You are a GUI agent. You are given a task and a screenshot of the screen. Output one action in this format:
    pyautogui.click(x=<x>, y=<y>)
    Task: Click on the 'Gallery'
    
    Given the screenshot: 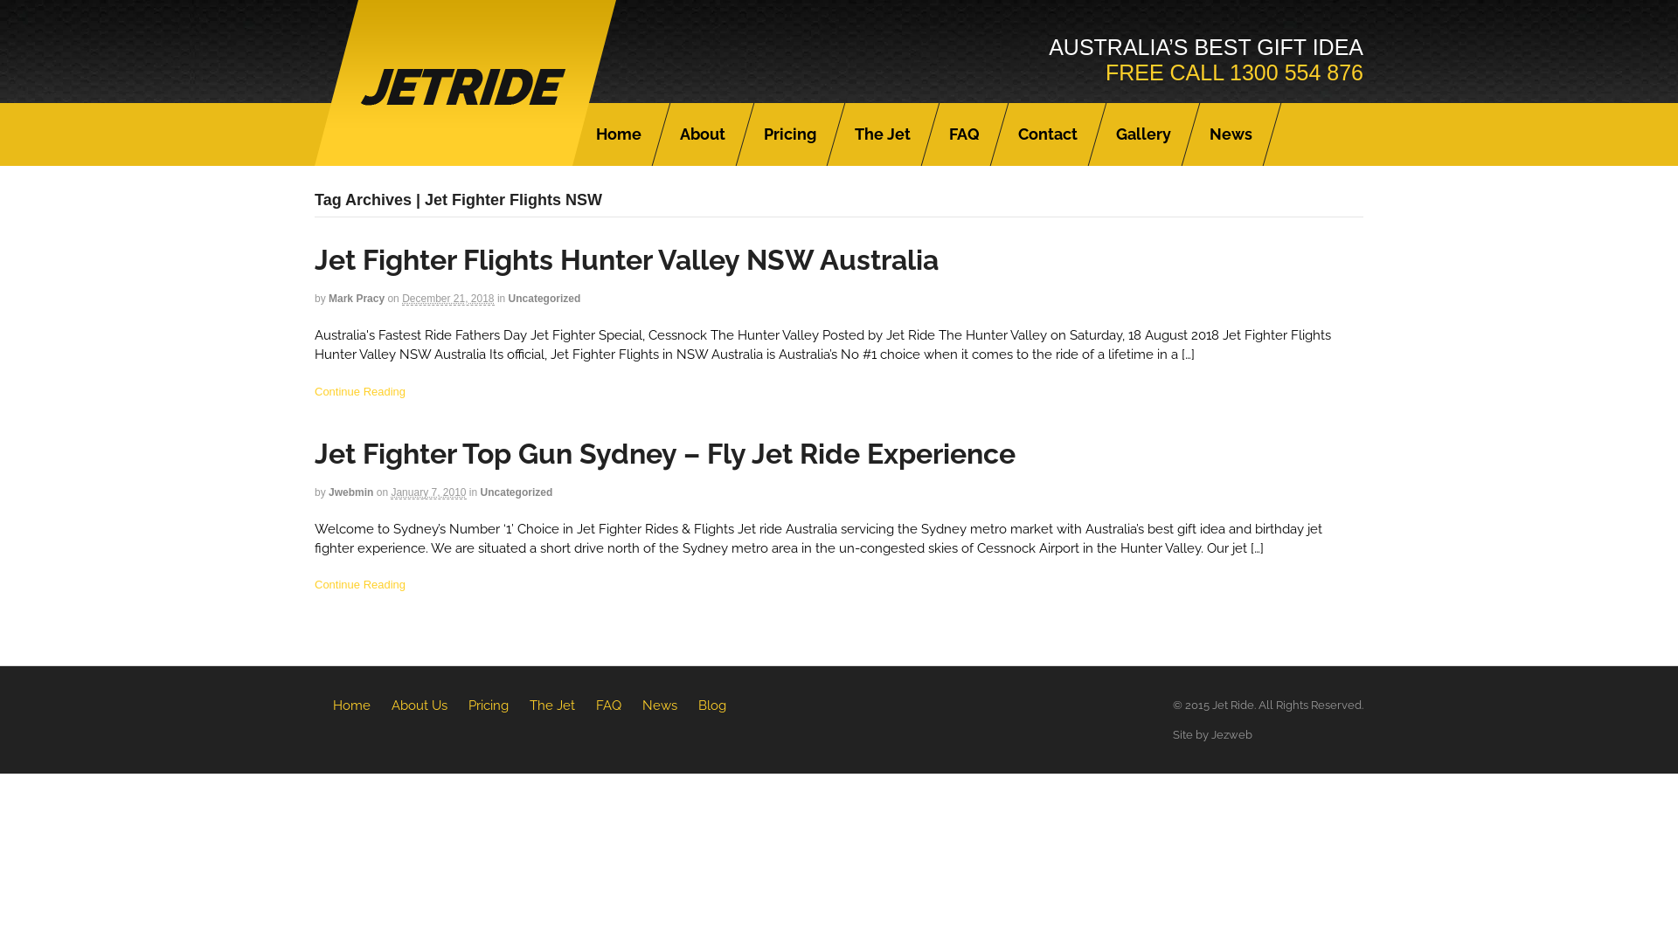 What is the action you would take?
    pyautogui.click(x=1143, y=134)
    